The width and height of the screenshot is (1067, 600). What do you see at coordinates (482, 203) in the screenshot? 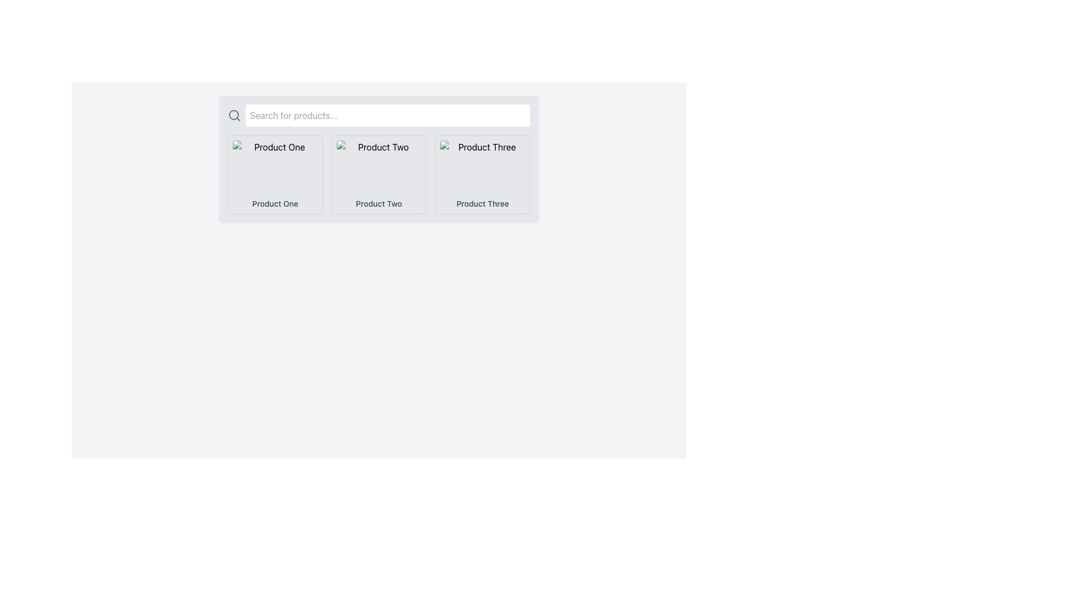
I see `the text label for 'Product Three', which is located below its corresponding image in the third product card of the grid` at bounding box center [482, 203].